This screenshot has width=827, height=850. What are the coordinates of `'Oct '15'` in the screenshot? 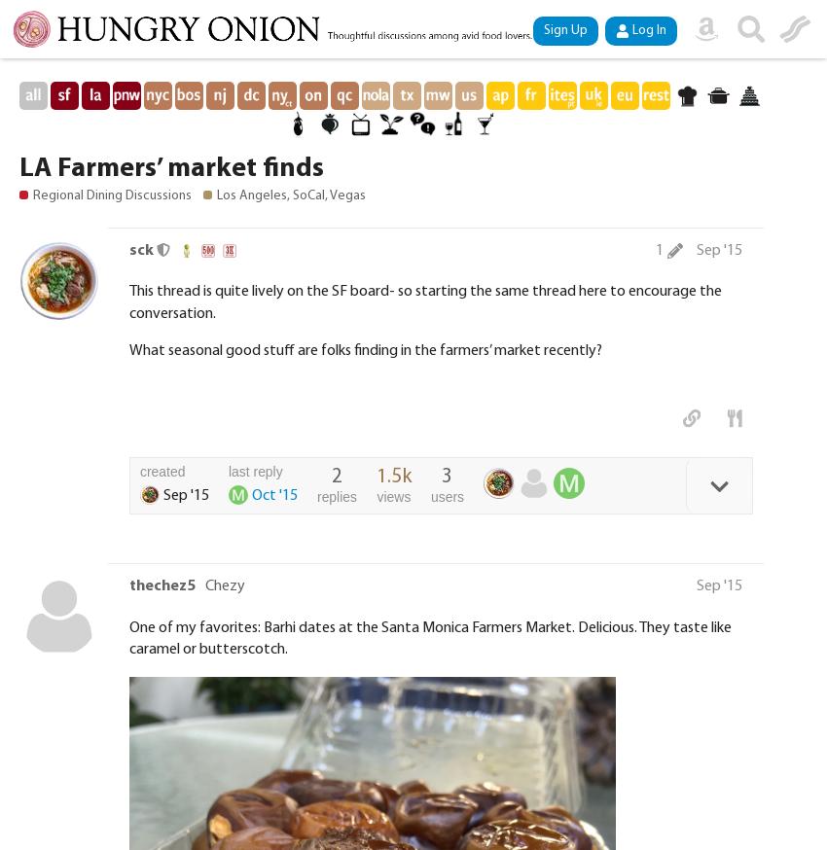 It's located at (273, 494).